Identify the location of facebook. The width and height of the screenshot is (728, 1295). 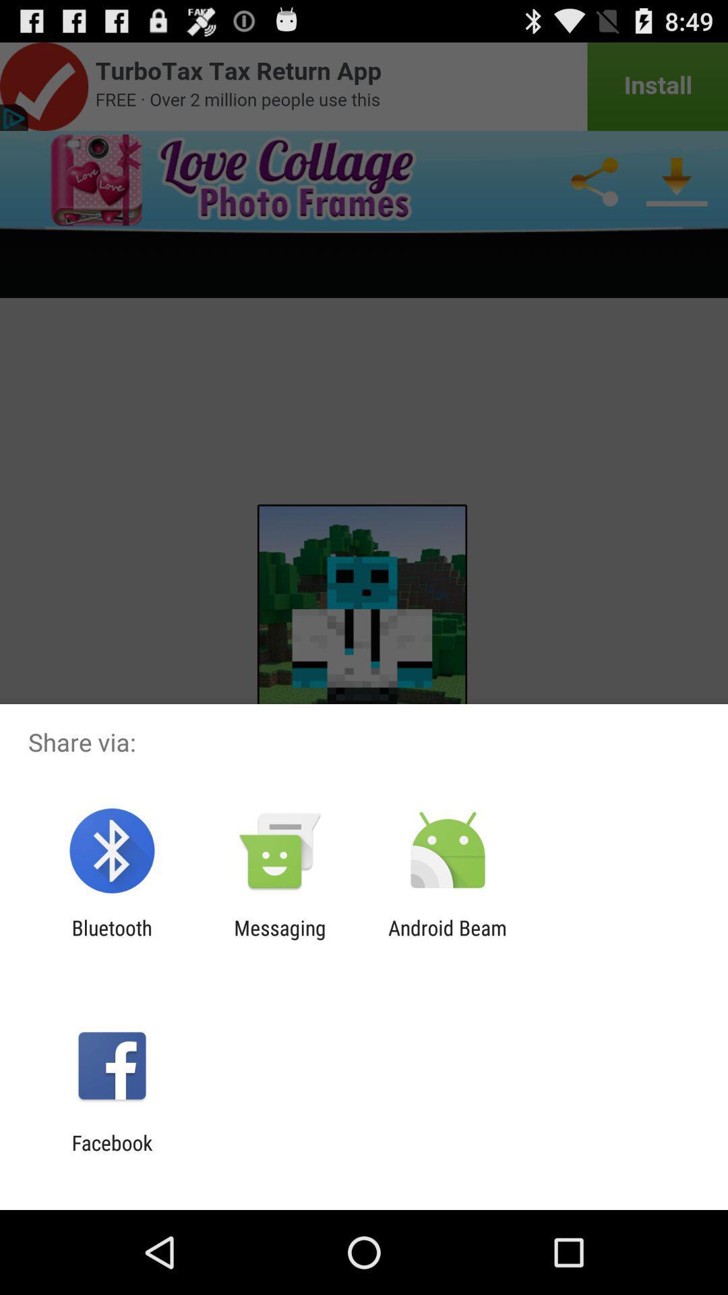
(111, 1154).